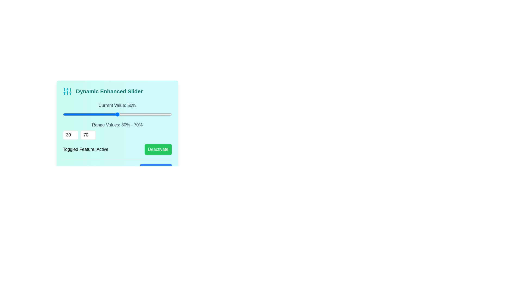 The height and width of the screenshot is (293, 522). Describe the element at coordinates (169, 114) in the screenshot. I see `the slider` at that location.